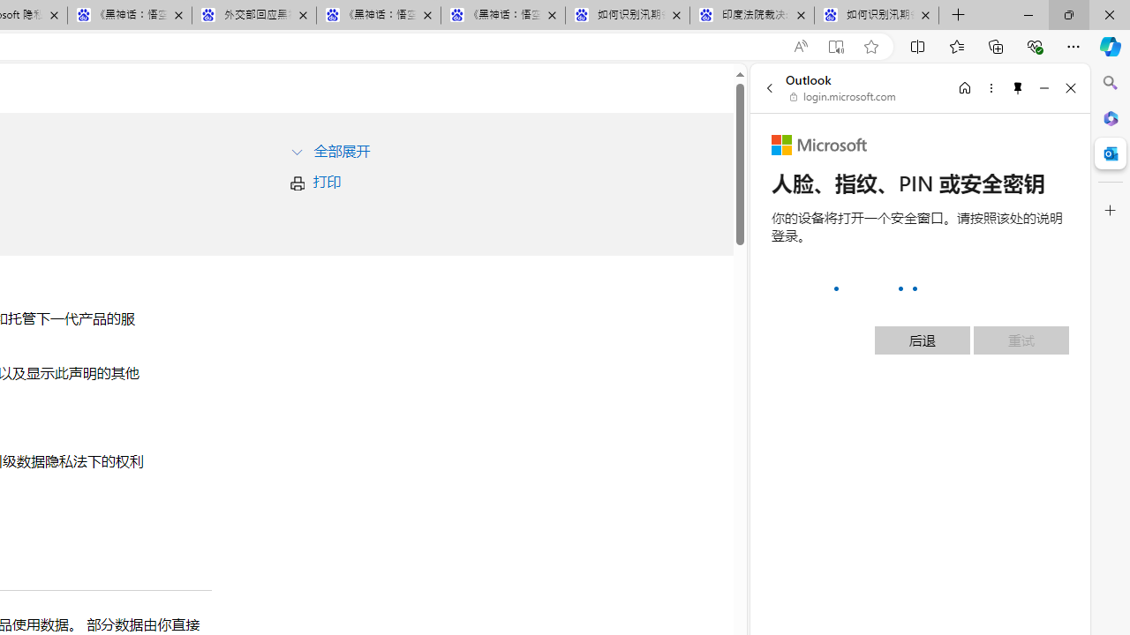 Image resolution: width=1130 pixels, height=635 pixels. I want to click on 'login.microsoft.com', so click(842, 97).